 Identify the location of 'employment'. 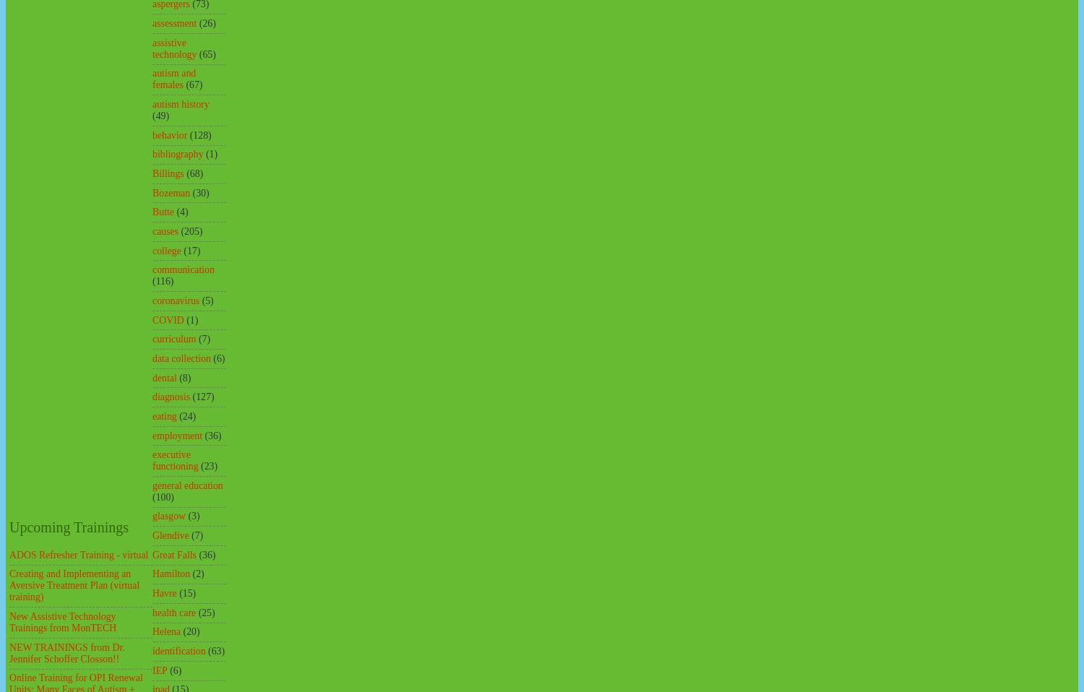
(176, 435).